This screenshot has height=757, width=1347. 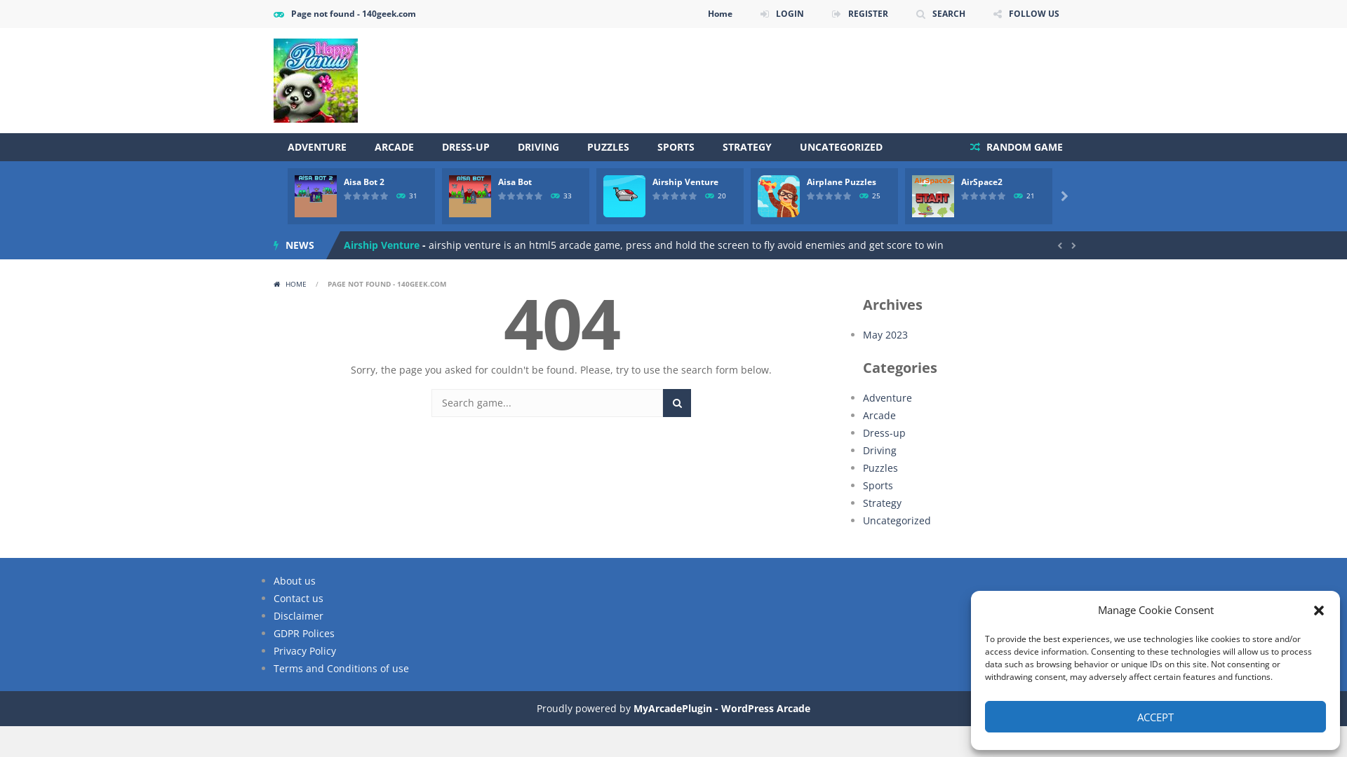 I want to click on '140geek.com', so click(x=315, y=79).